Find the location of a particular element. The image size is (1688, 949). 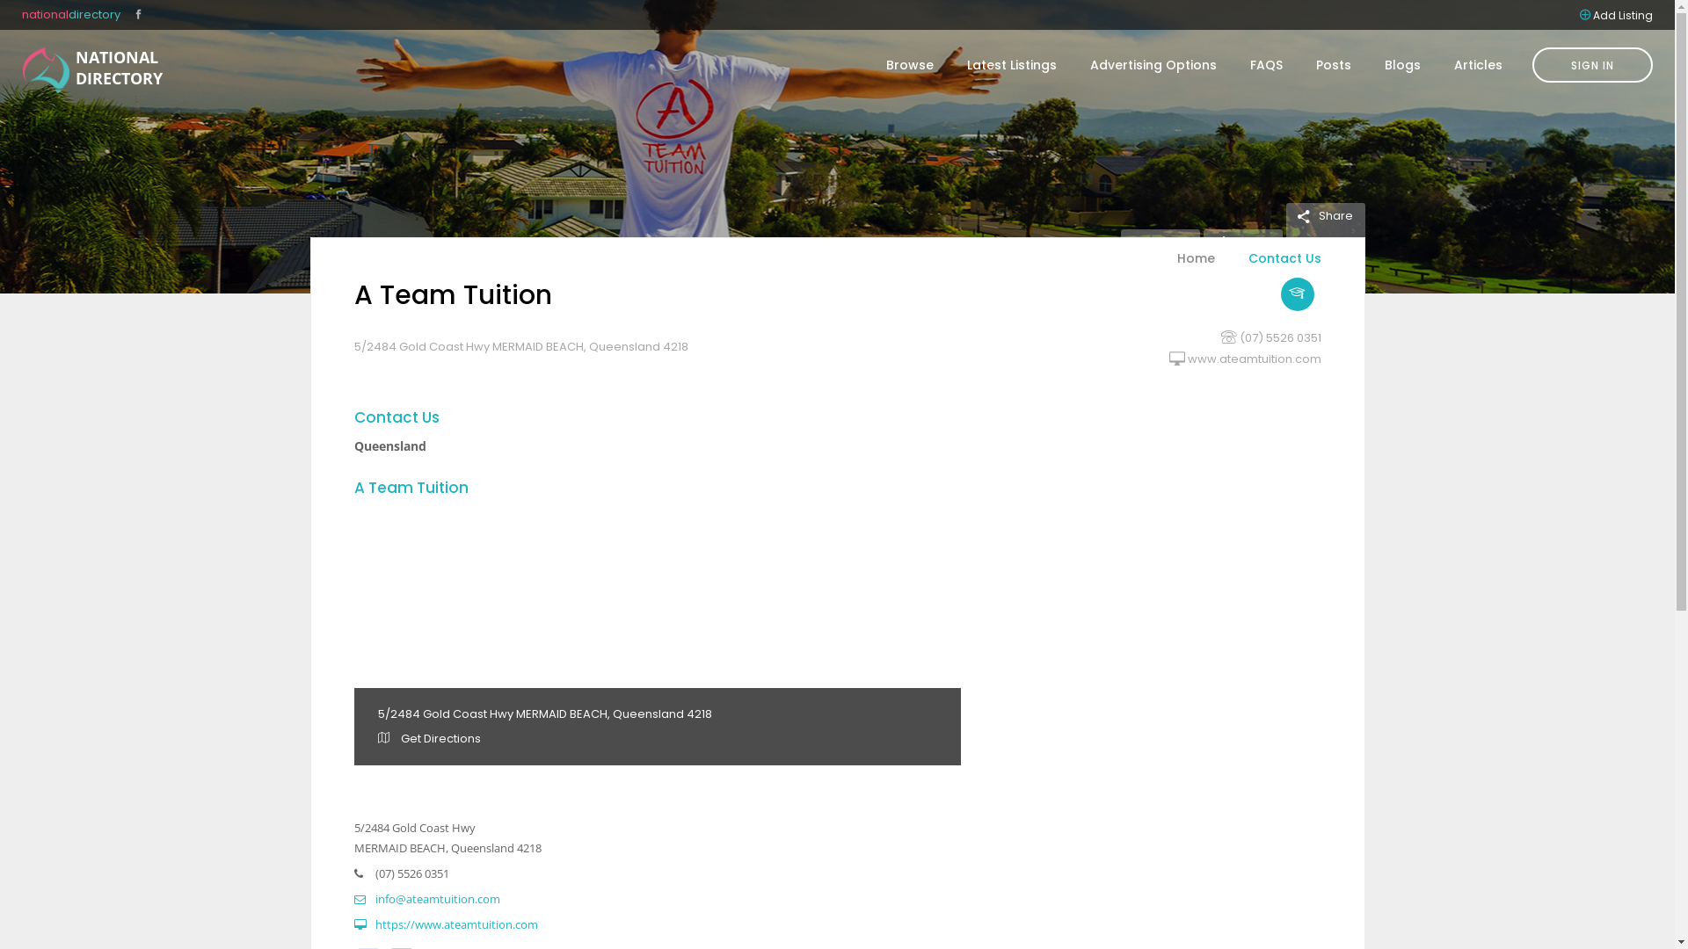

'nationaldirectory' is located at coordinates (70, 14).